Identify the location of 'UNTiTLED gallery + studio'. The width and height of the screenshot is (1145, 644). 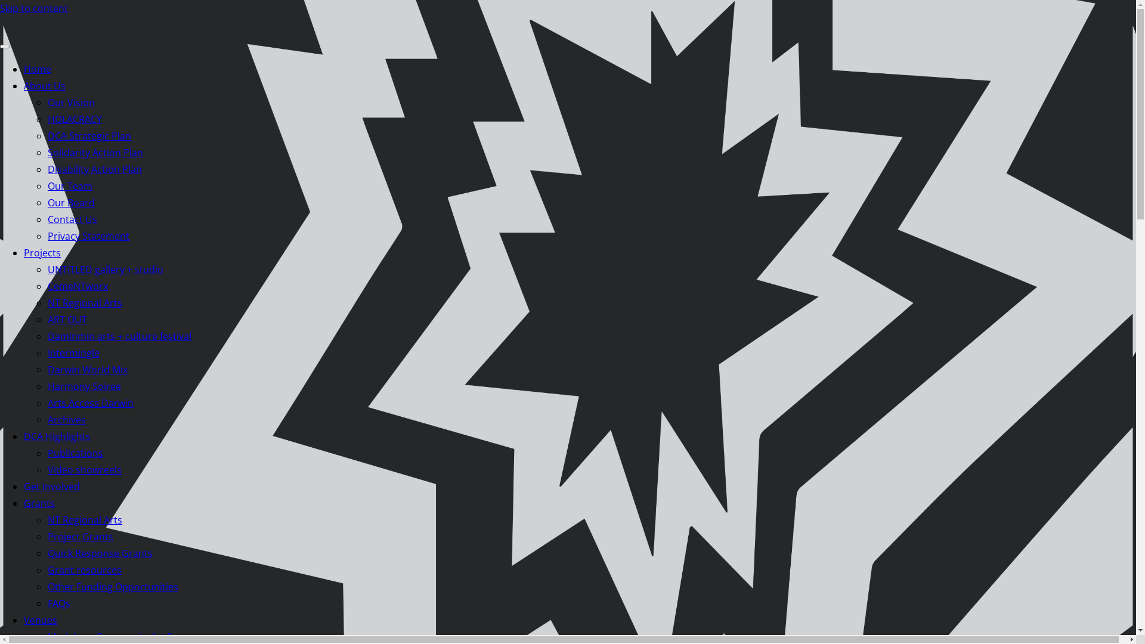
(106, 269).